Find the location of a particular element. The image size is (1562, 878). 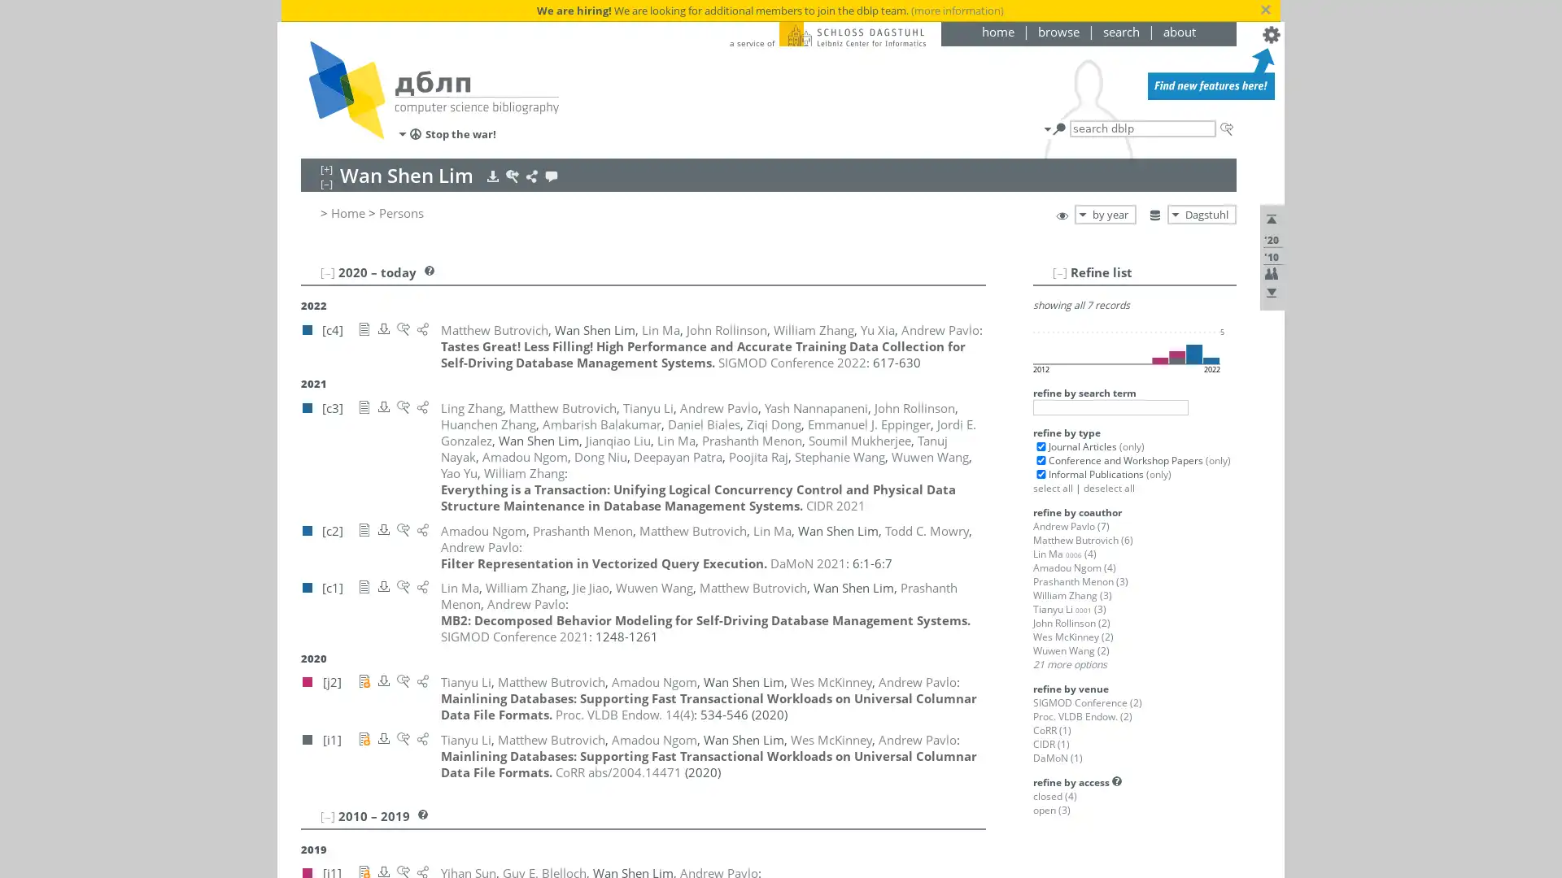

SIGMOD Conference (2) is located at coordinates (1088, 702).